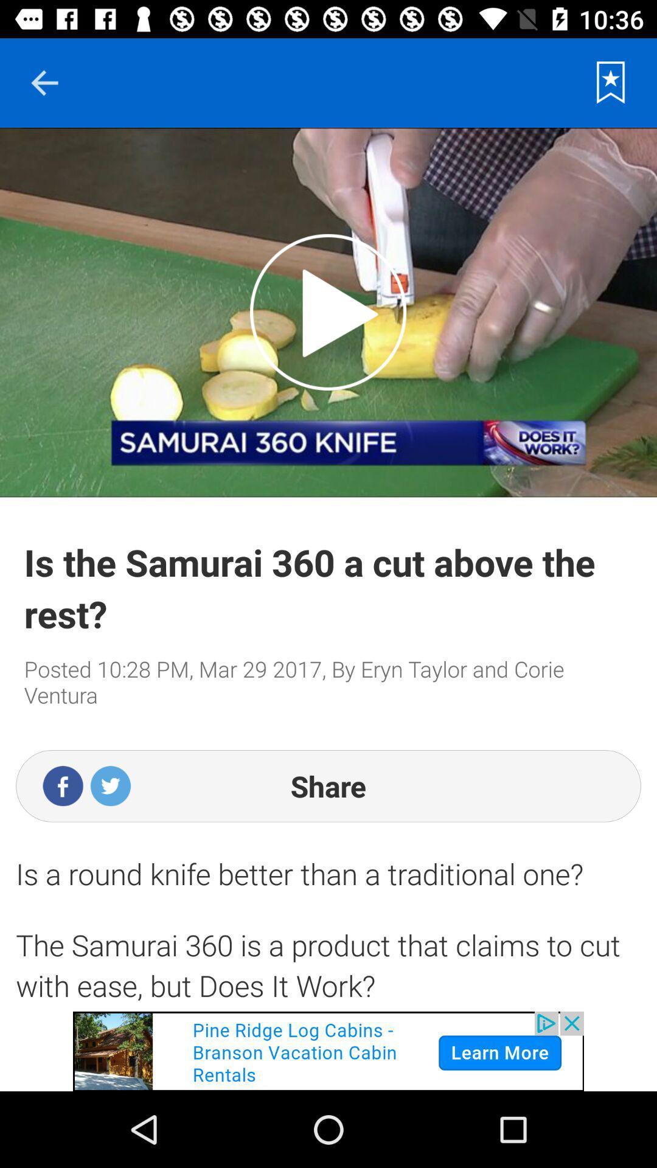 The width and height of the screenshot is (657, 1168). I want to click on back button, so click(44, 82).